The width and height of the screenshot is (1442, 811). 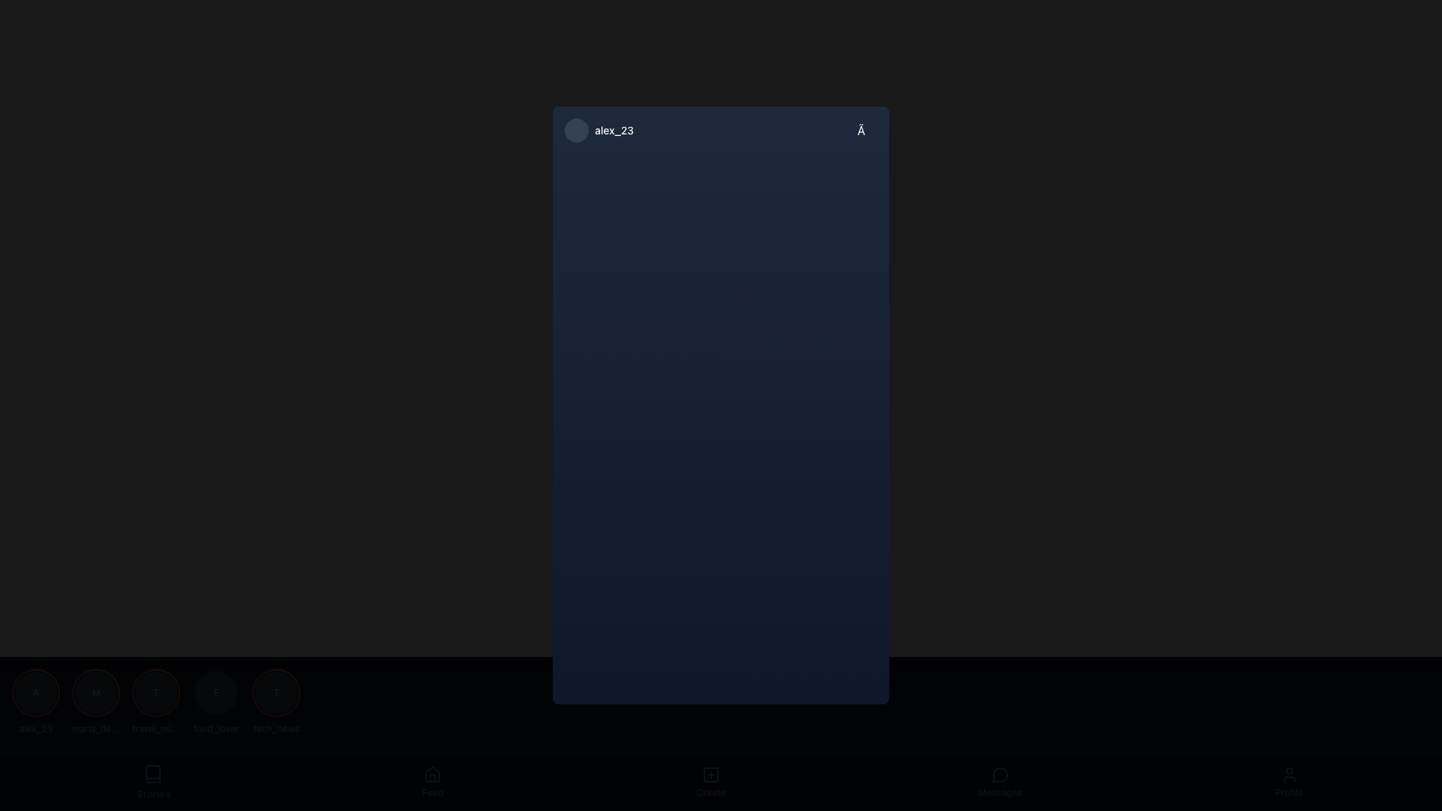 What do you see at coordinates (95, 692) in the screenshot?
I see `the second Avatar or Profile Indicator, which is a circular component with a gradient from pink to yellow and a white 'M' character, to potentially preview details` at bounding box center [95, 692].